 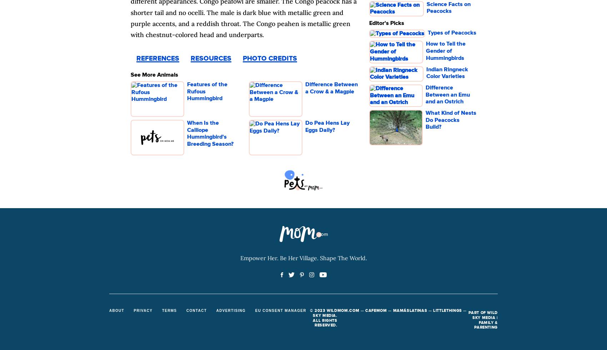 What do you see at coordinates (240, 257) in the screenshot?
I see `'Empower Her. Be Her Village. Shape The World.'` at bounding box center [240, 257].